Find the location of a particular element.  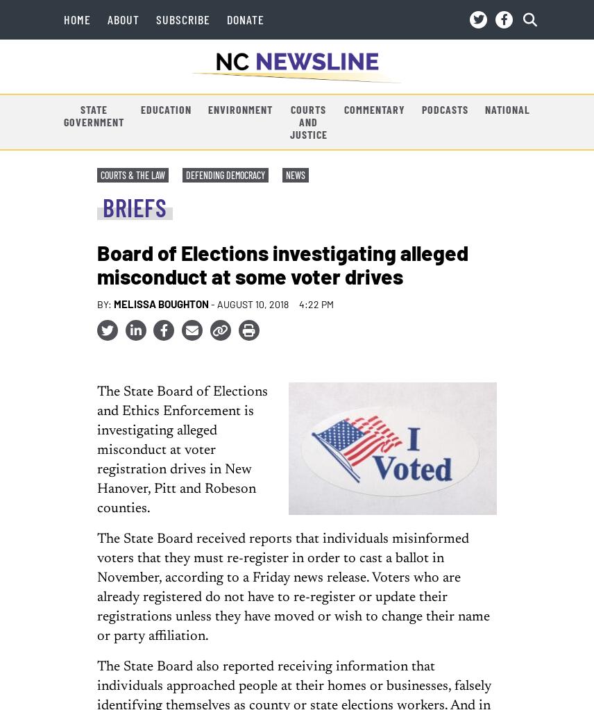

'If you fill out a registration form as part of a registration drive, you may personally return the form to your county board of elections, either in person or by mail. You do not have to give the form back to the voter drive worker.' is located at coordinates (306, 573).